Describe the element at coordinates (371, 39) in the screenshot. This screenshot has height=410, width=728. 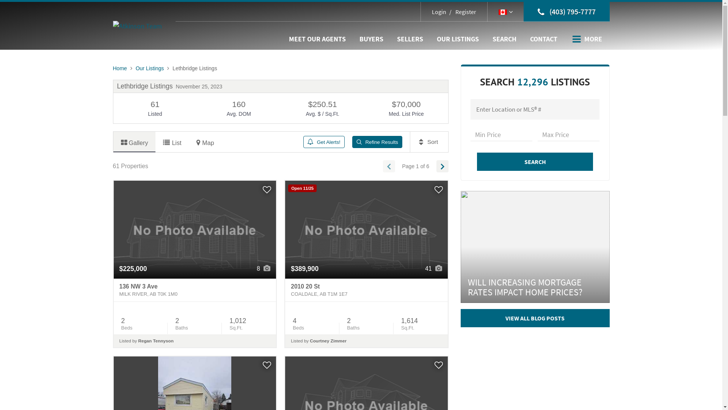
I see `'BUYERS'` at that location.